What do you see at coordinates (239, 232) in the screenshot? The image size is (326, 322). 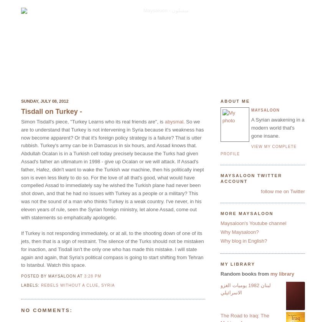 I see `'Why Maysaloon?'` at bounding box center [239, 232].